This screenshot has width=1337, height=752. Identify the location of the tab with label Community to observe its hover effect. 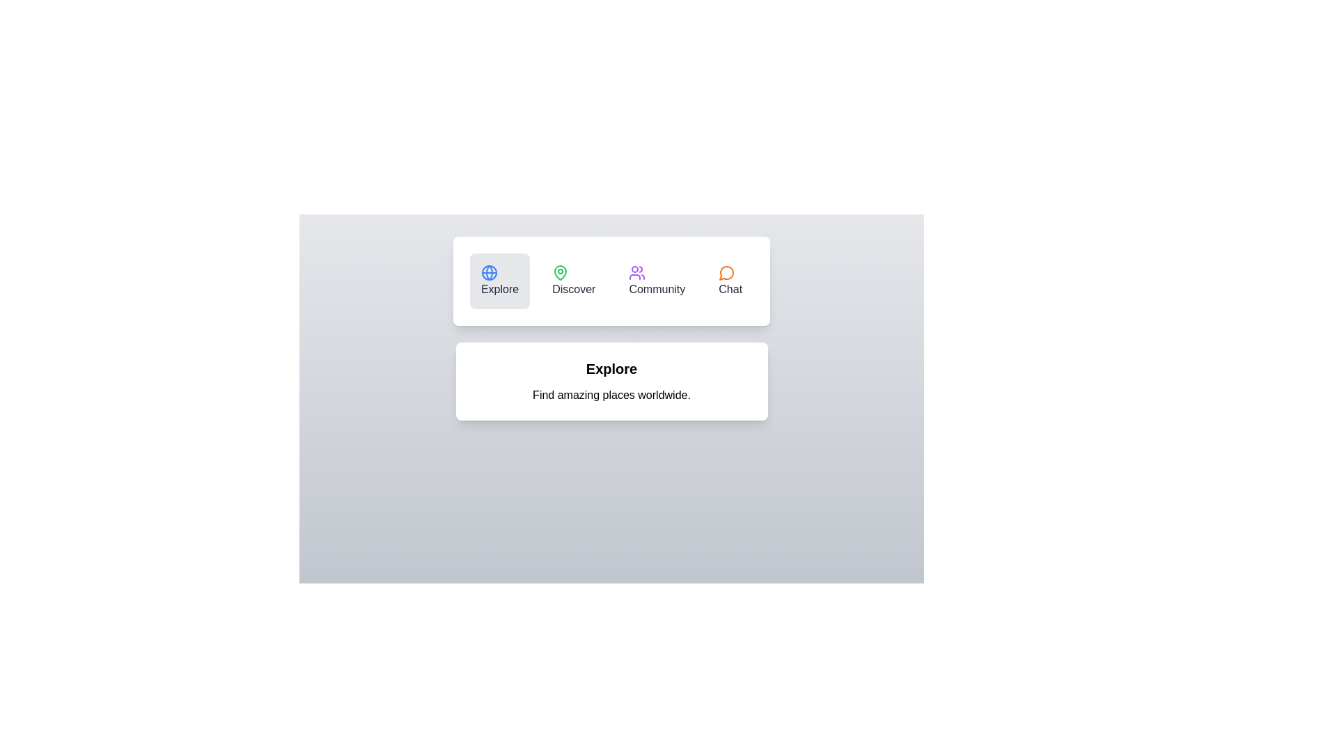
(657, 281).